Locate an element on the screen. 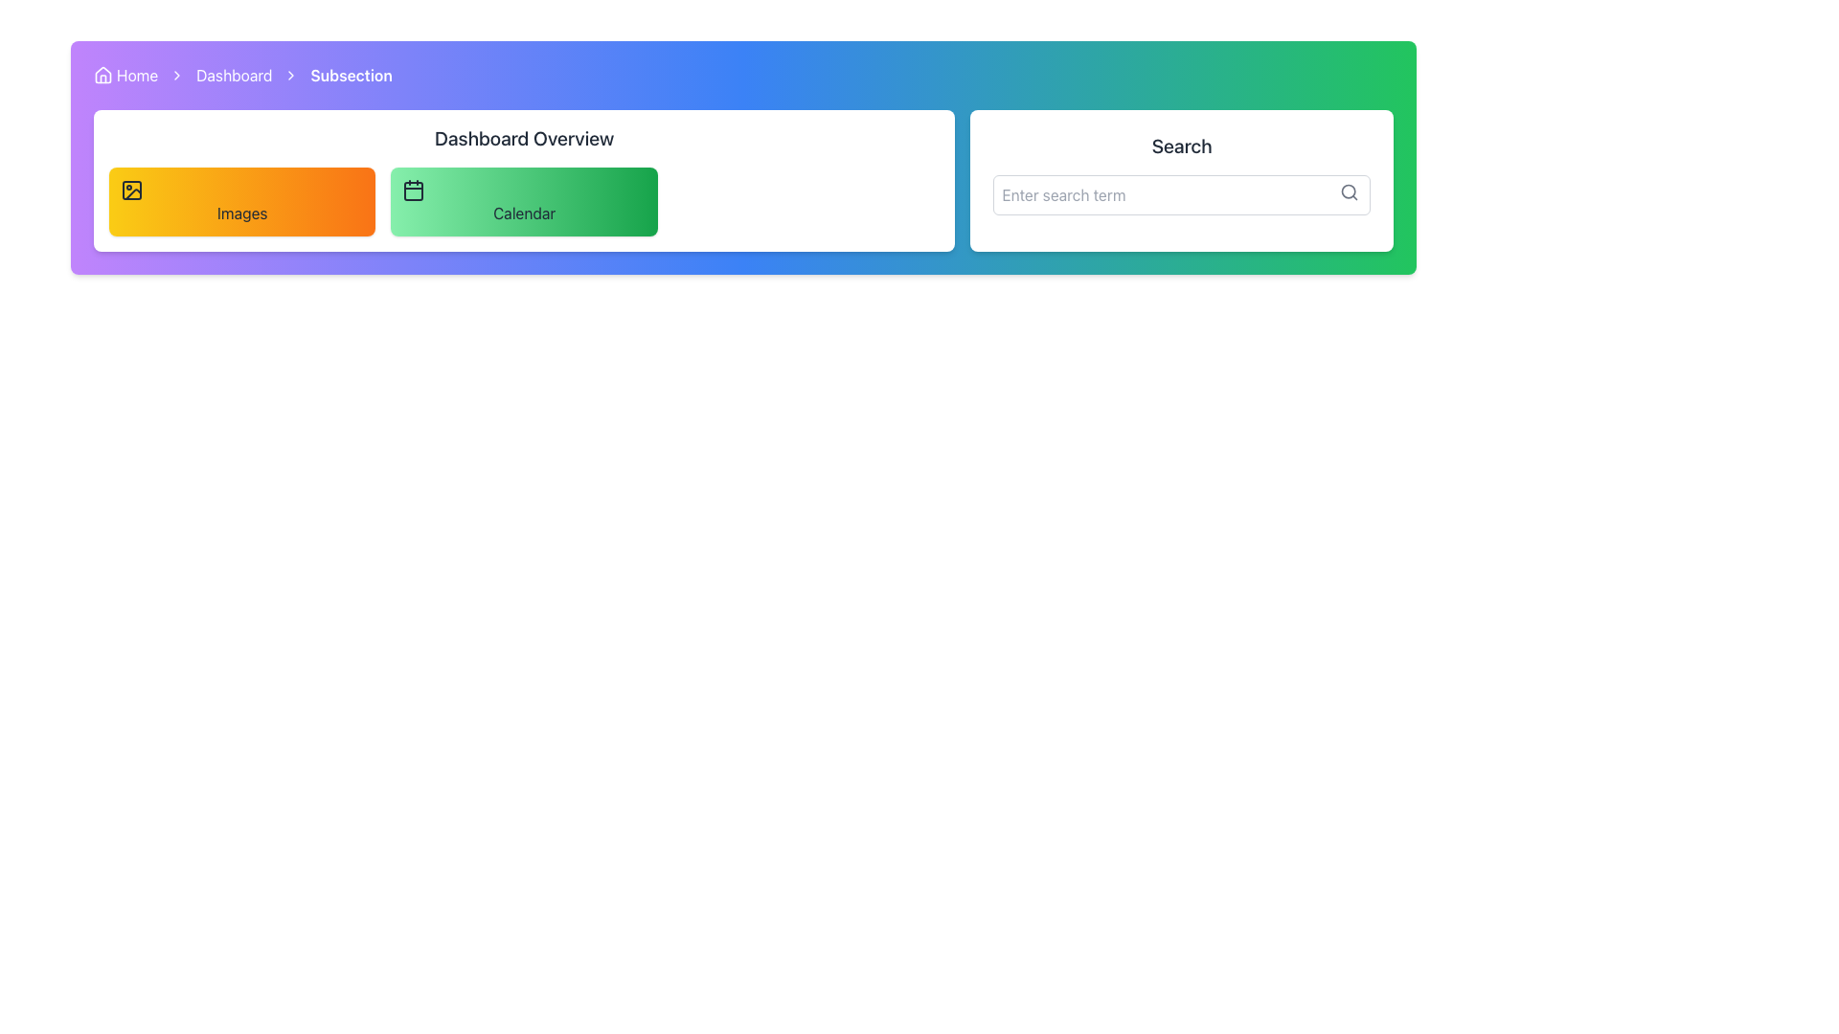 Image resolution: width=1839 pixels, height=1034 pixels. the 'Dashboard Overview' heading to trigger any potential tooltips or events is located at coordinates (524, 138).